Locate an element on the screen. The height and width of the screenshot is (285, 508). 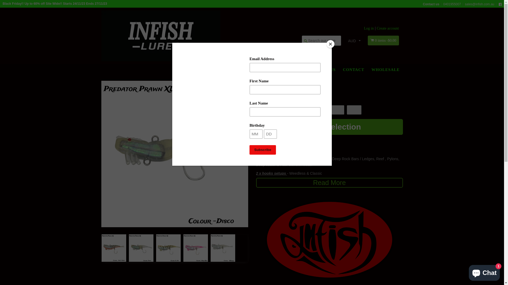
'0 items -$0.00' is located at coordinates (383, 40).